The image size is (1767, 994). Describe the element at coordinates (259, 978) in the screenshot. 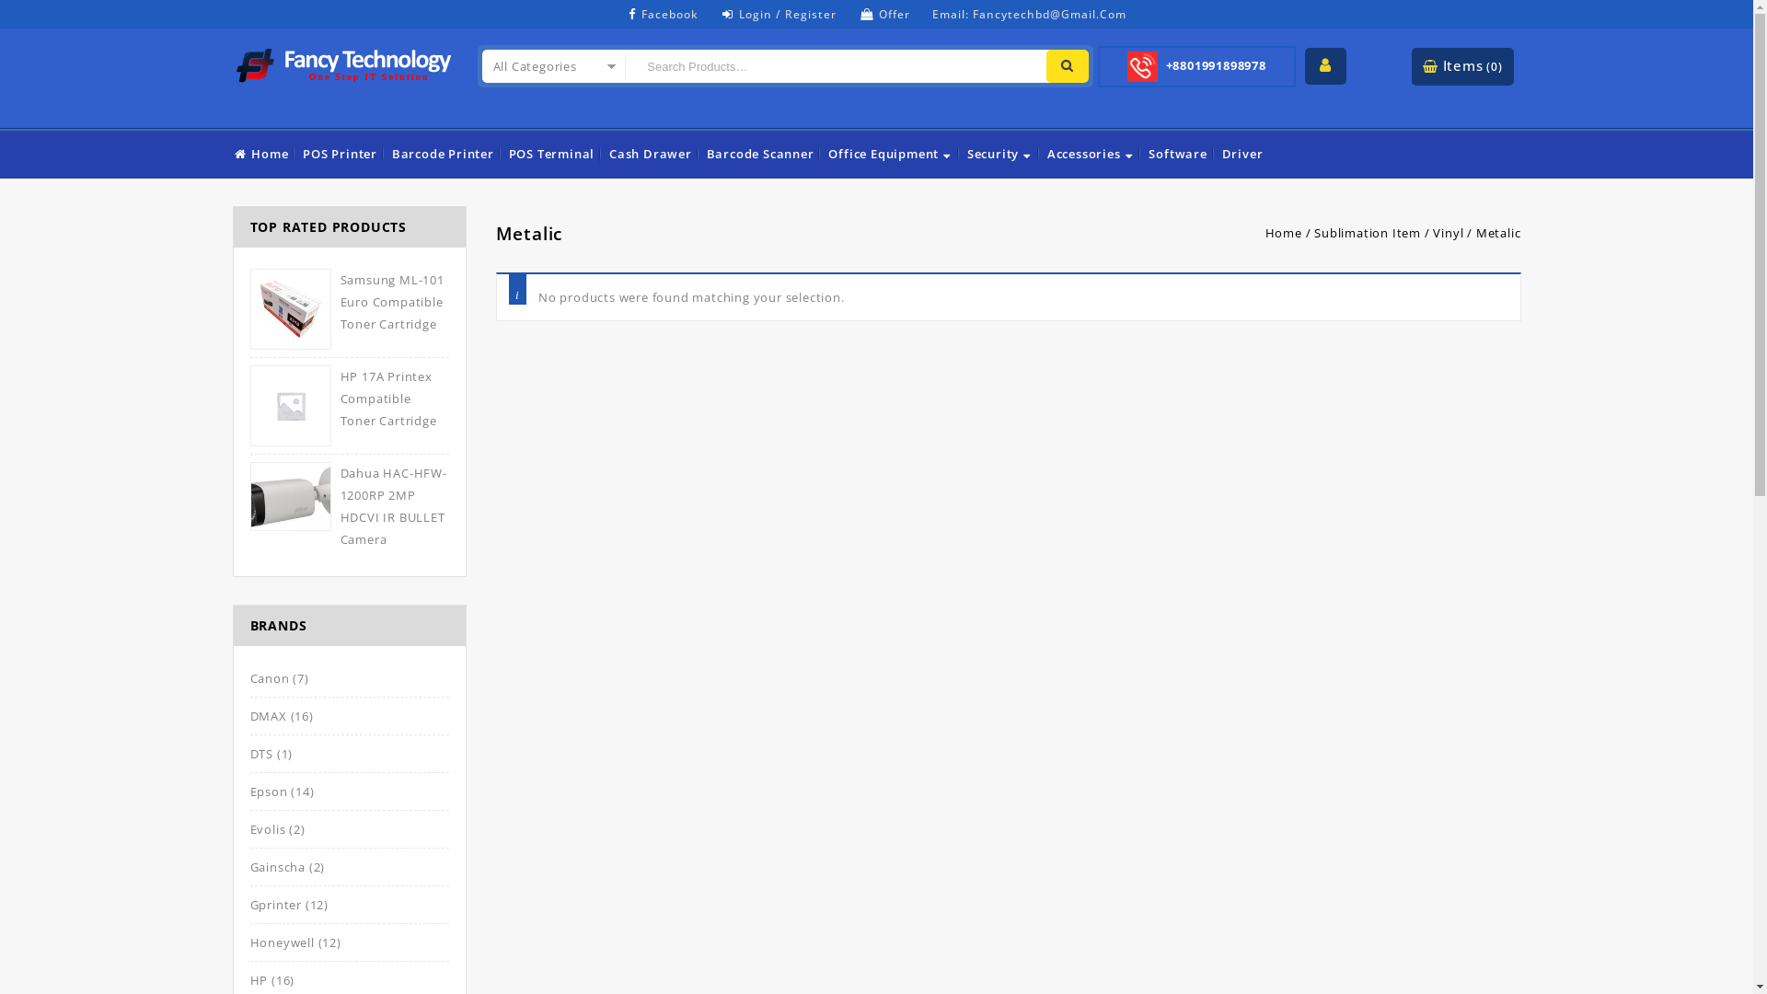

I see `'HP'` at that location.